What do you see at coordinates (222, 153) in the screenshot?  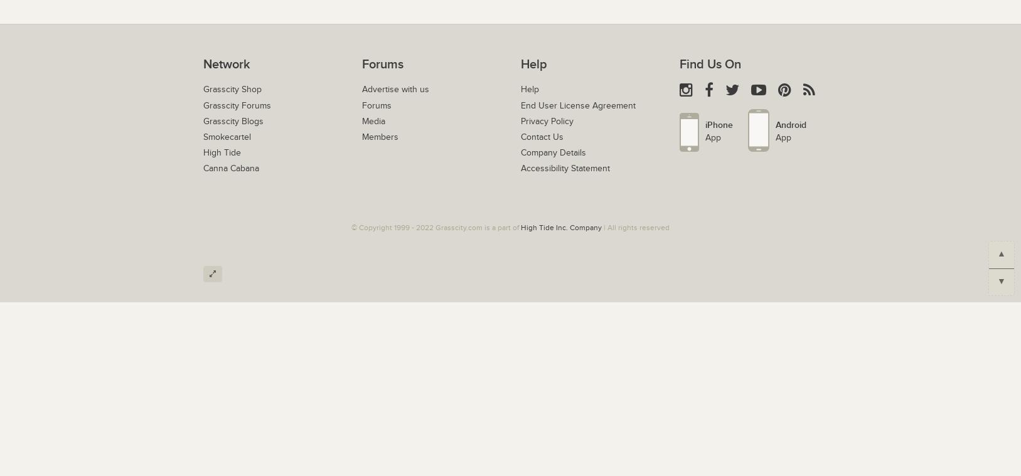 I see `'High Tide'` at bounding box center [222, 153].